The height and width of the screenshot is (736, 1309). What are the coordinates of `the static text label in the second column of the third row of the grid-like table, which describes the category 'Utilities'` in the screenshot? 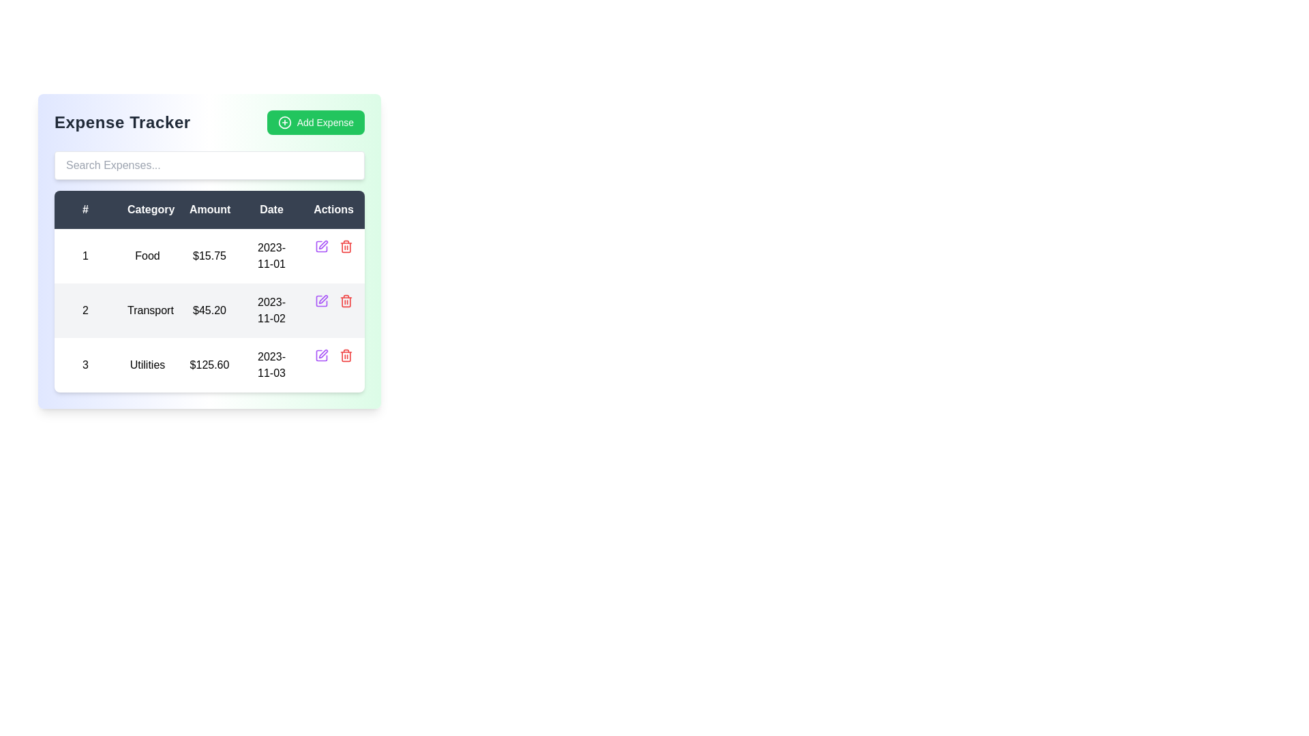 It's located at (147, 365).